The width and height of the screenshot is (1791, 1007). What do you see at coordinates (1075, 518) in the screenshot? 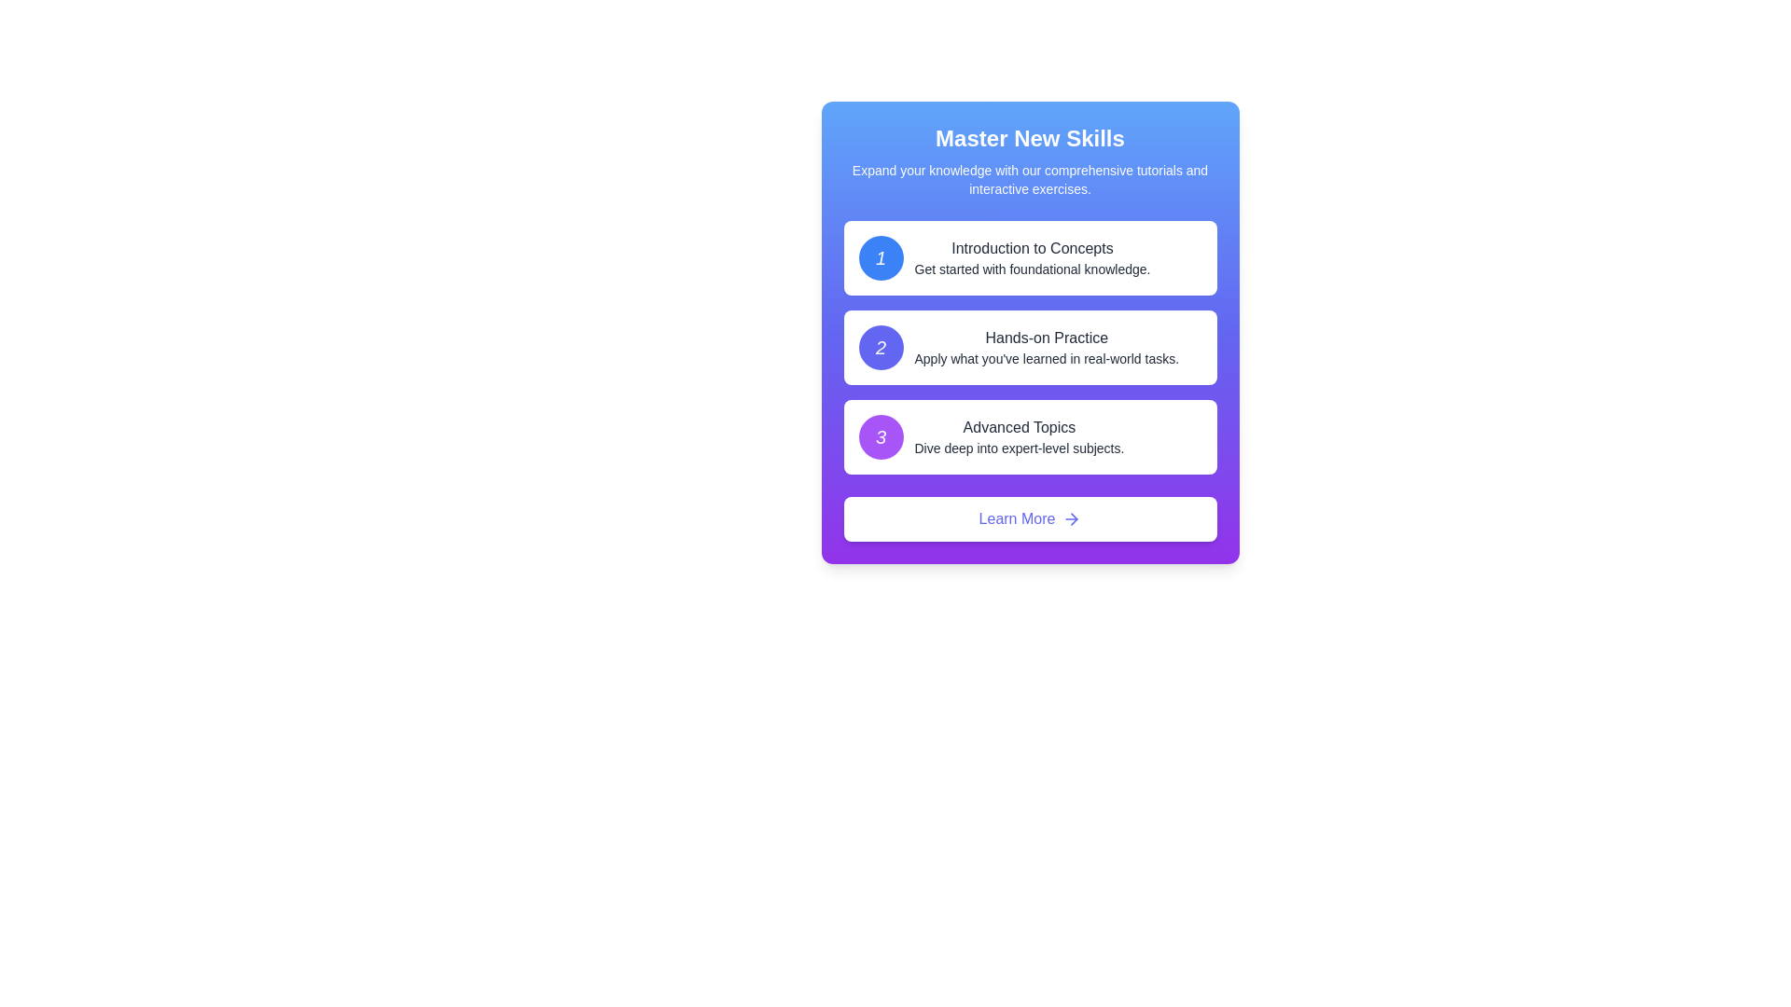
I see `the rightward-pointing arrowhead icon, which is part of the 'Learn More' button SVG graphic` at bounding box center [1075, 518].